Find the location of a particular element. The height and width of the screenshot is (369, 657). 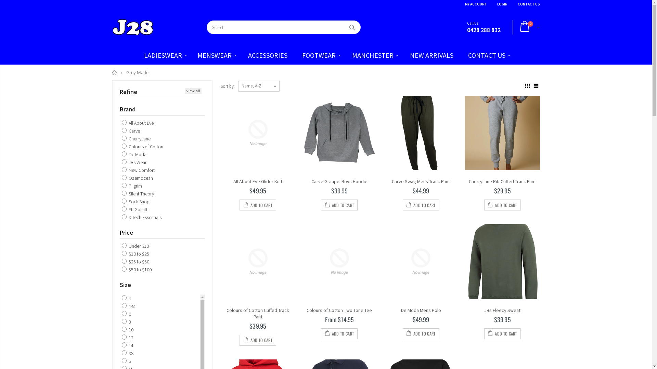

'MY ACCOUNT' is located at coordinates (475, 4).